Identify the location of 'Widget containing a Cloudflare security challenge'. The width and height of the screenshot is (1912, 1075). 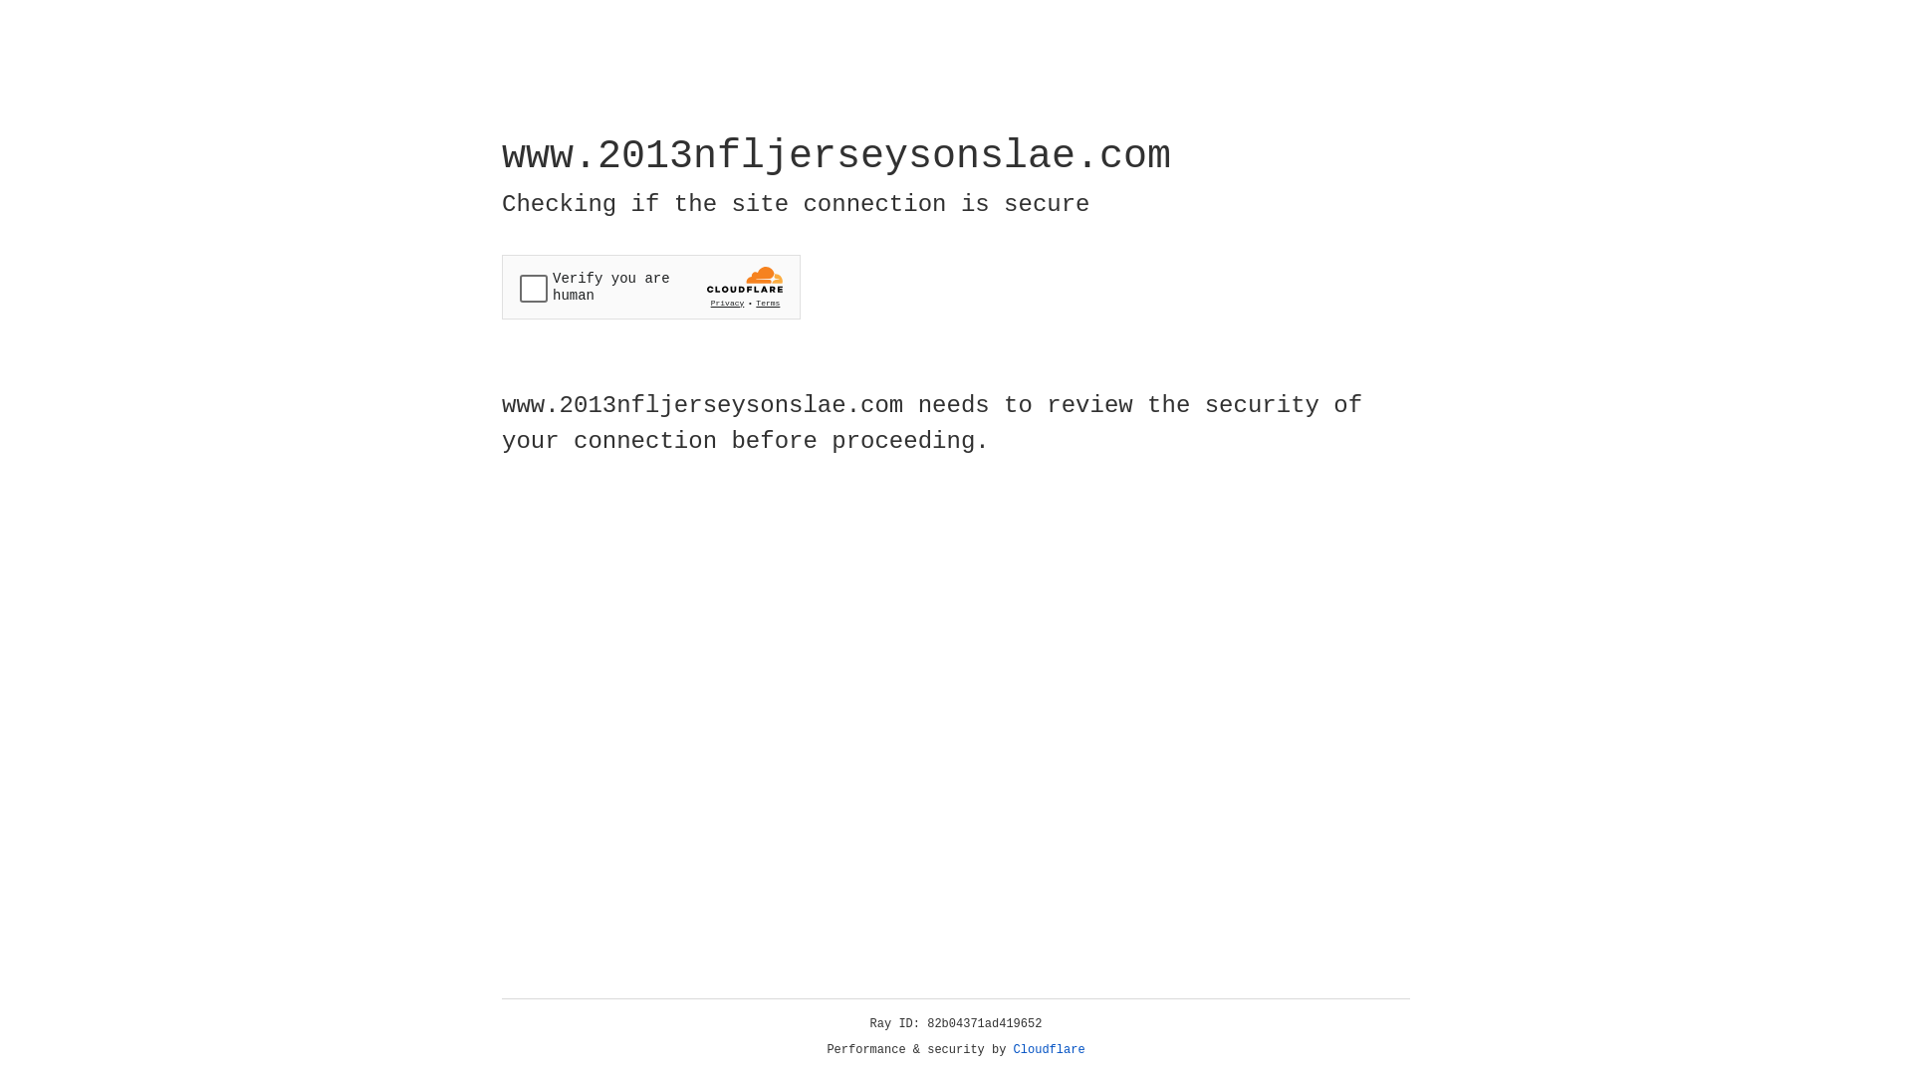
(650, 287).